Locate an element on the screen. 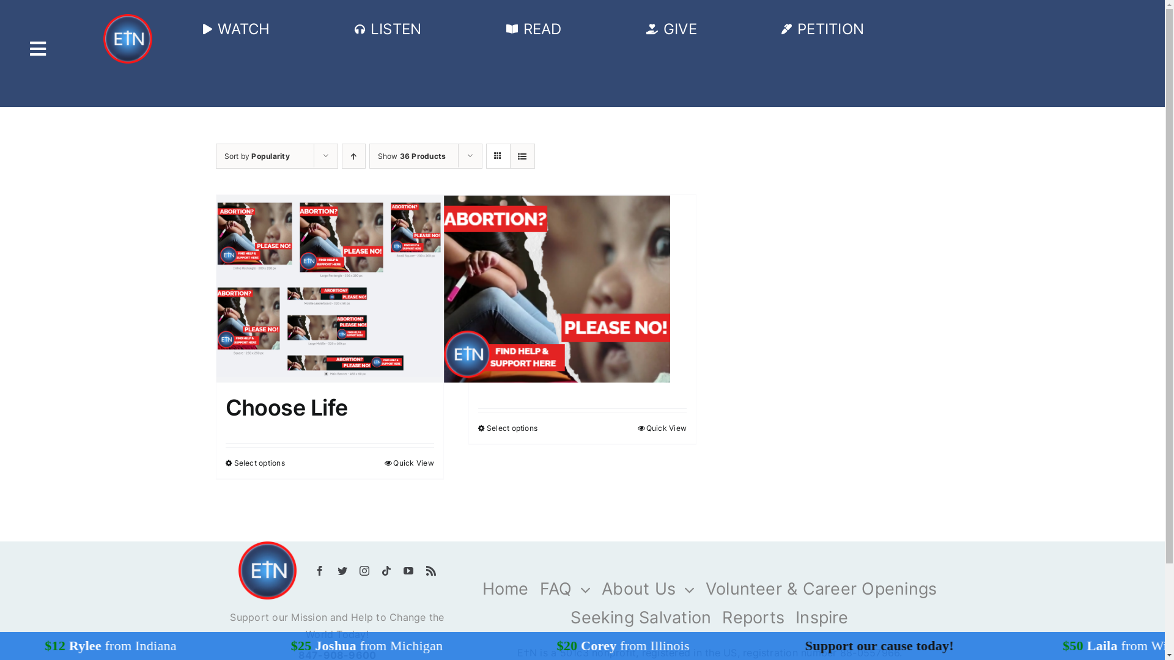  'GIVE' is located at coordinates (668, 28).